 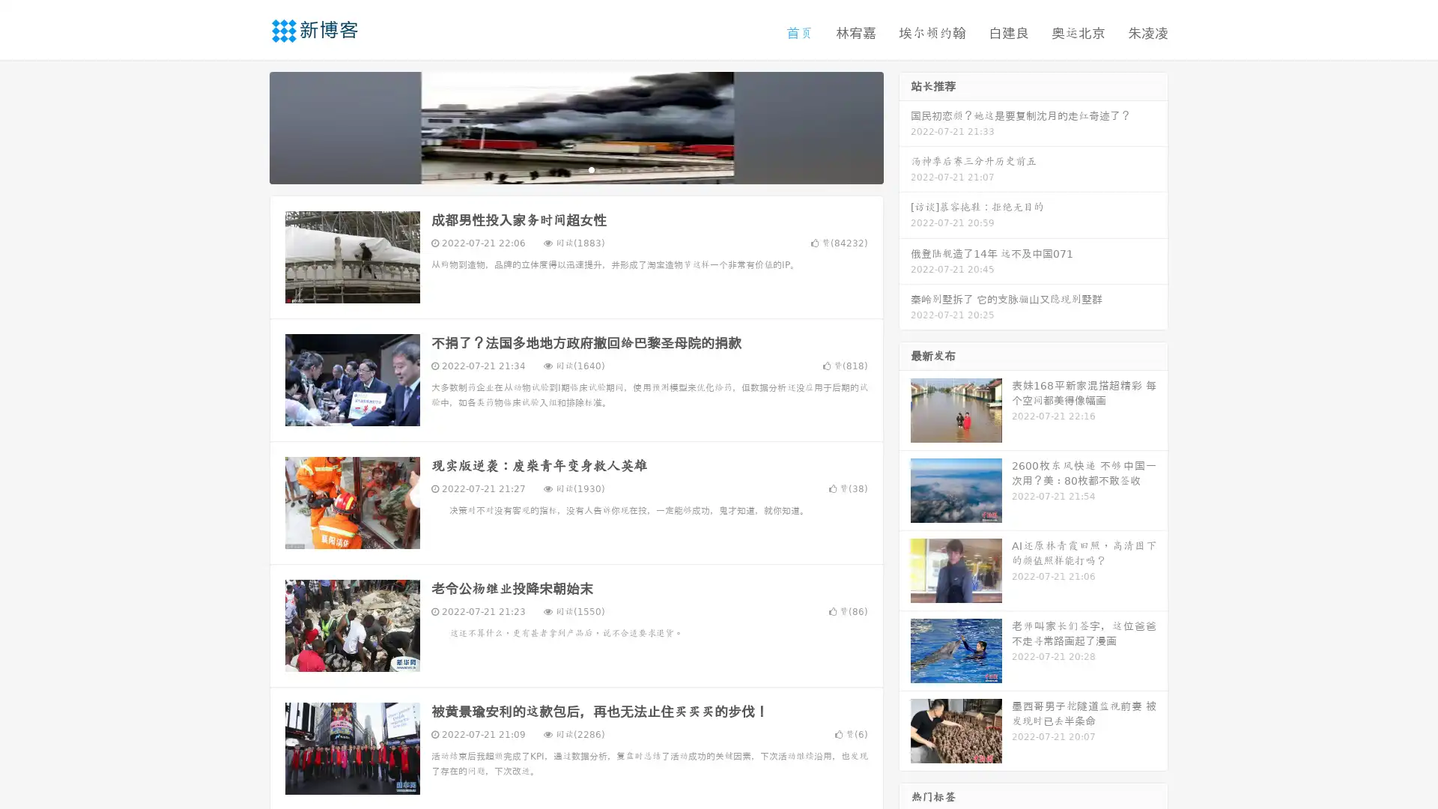 I want to click on Go to slide 3, so click(x=591, y=169).